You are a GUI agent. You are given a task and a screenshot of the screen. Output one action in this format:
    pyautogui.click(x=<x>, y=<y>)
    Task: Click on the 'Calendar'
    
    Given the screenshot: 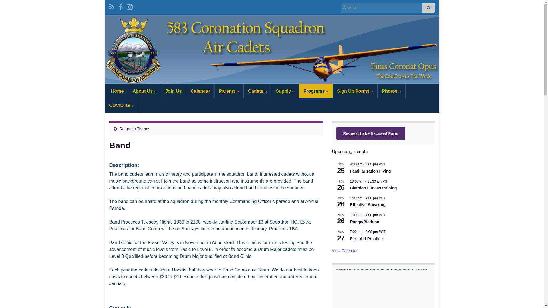 What is the action you would take?
    pyautogui.click(x=200, y=91)
    